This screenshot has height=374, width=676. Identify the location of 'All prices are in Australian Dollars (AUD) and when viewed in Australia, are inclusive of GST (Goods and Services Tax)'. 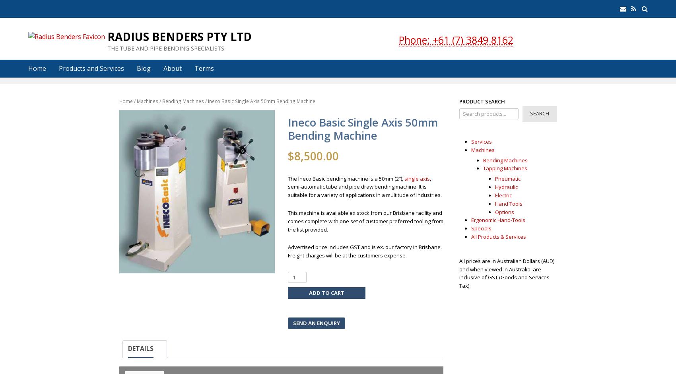
(506, 273).